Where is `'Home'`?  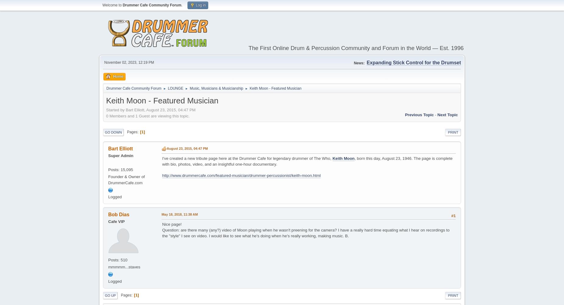 'Home' is located at coordinates (112, 76).